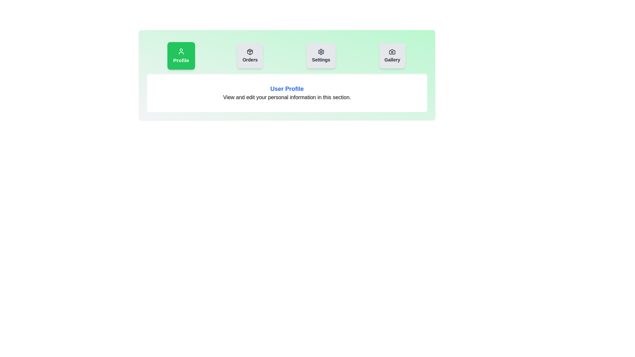  What do you see at coordinates (250, 56) in the screenshot?
I see `the tab labeled Orders` at bounding box center [250, 56].